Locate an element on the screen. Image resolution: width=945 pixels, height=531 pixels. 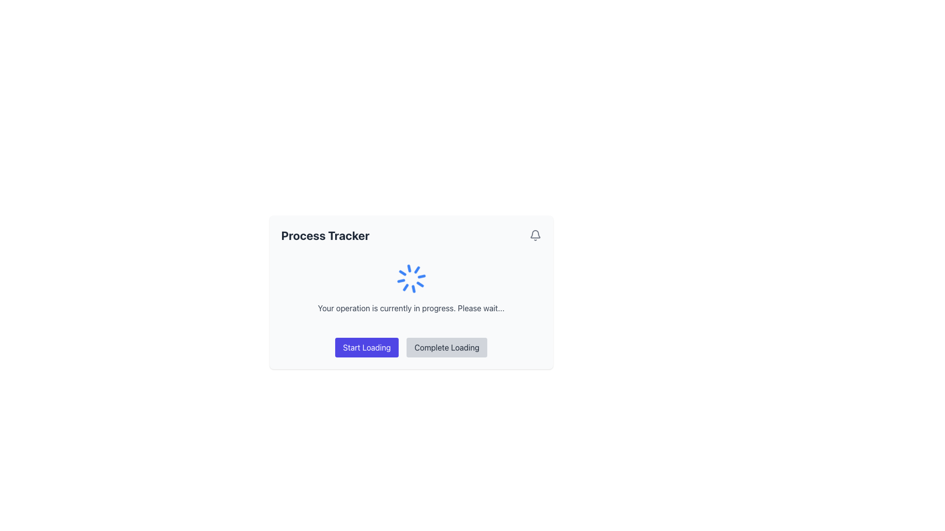
the rectangular button with a purple background and white 'Start Loading' text to initiate the loading operation is located at coordinates (366, 347).